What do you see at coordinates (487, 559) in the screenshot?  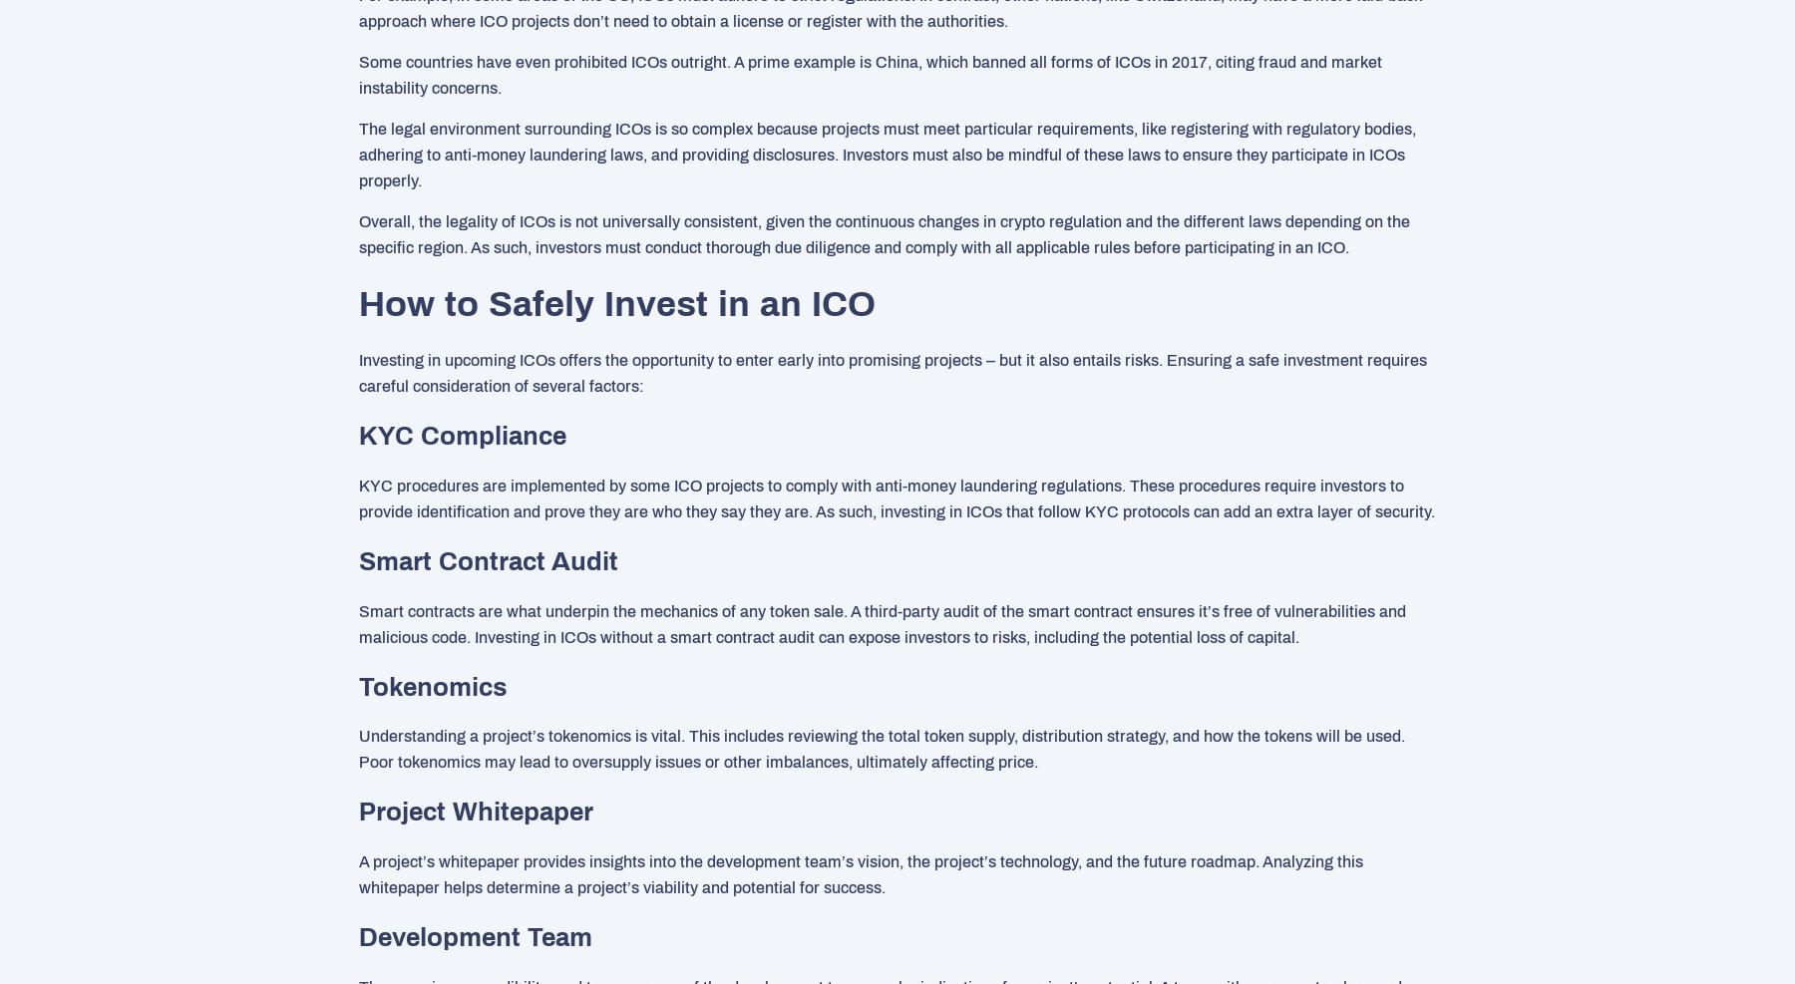 I see `'Smart Contract Audit'` at bounding box center [487, 559].